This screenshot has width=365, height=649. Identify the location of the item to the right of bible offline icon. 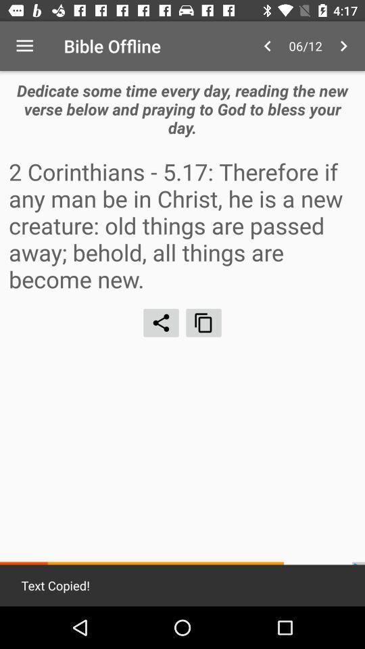
(267, 46).